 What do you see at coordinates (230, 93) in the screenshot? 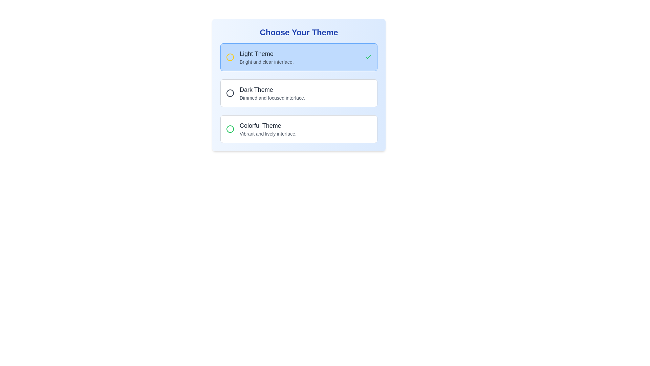
I see `the Option Indicator` at bounding box center [230, 93].